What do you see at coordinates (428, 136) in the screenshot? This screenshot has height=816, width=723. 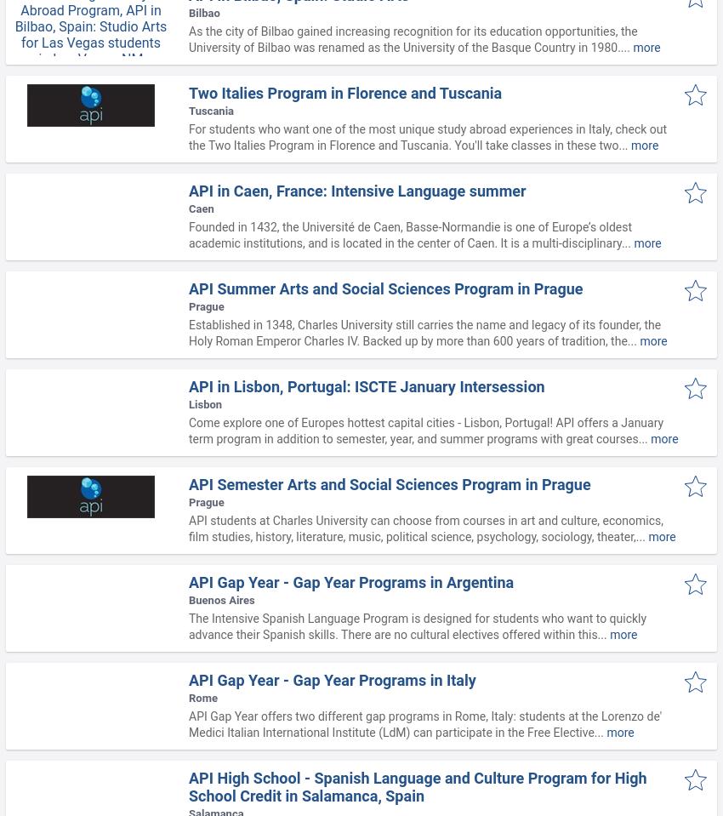 I see `'For students who want one of the most unique study abroad experiences in Italy, check out the Two Italies Program in Florence and Tuscania. You'll take classes in these two...'` at bounding box center [428, 136].